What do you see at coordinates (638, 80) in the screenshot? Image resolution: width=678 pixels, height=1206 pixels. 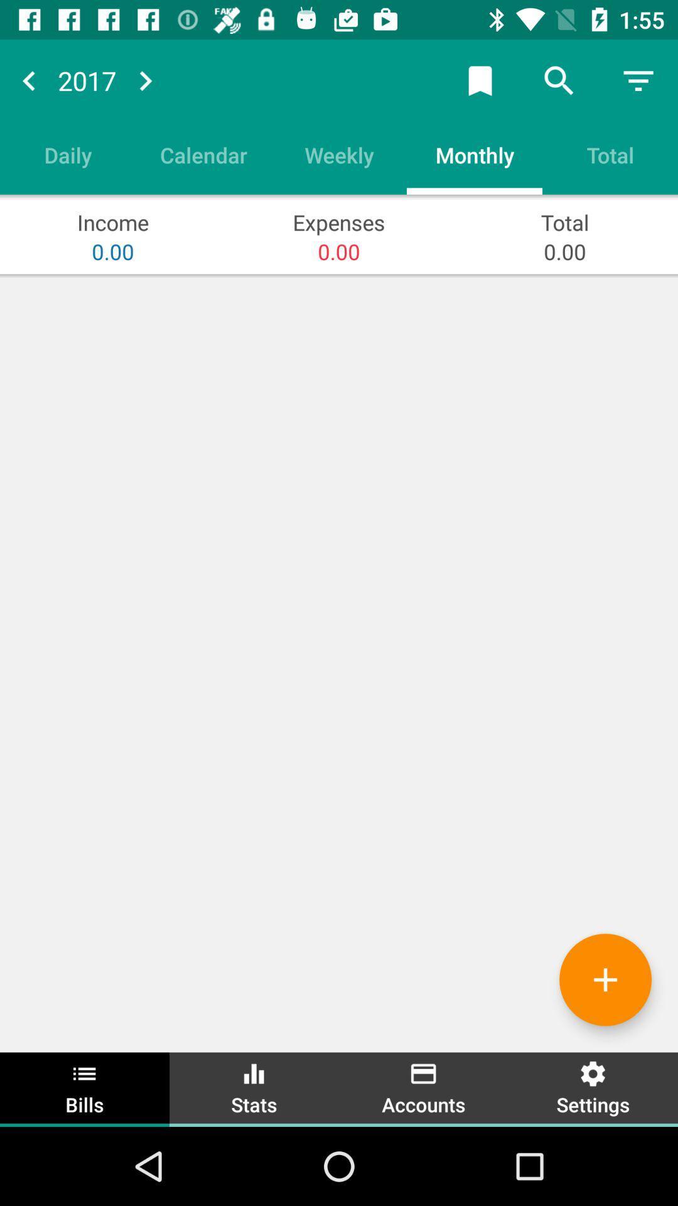 I see `the filter_list icon` at bounding box center [638, 80].